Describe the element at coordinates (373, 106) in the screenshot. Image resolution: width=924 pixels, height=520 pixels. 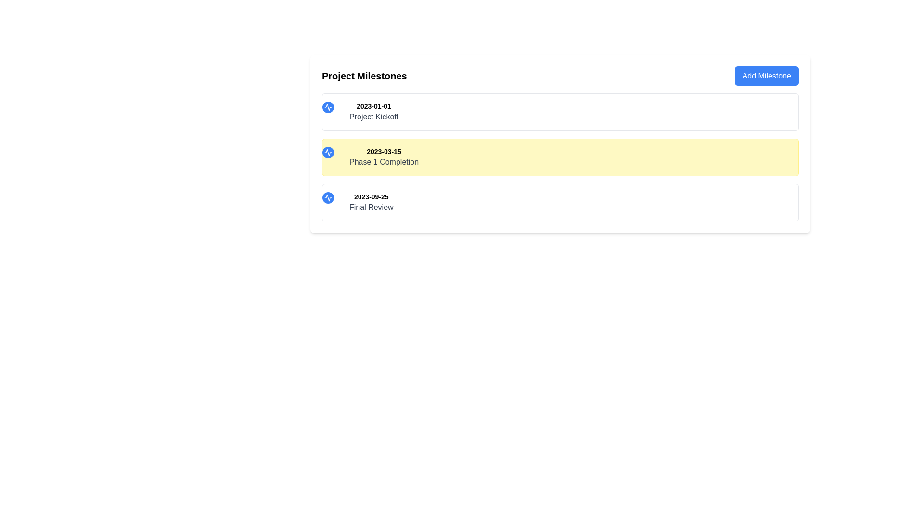
I see `the static text label displaying the date for the milestone event in the 'Project Kickoff' list item` at that location.